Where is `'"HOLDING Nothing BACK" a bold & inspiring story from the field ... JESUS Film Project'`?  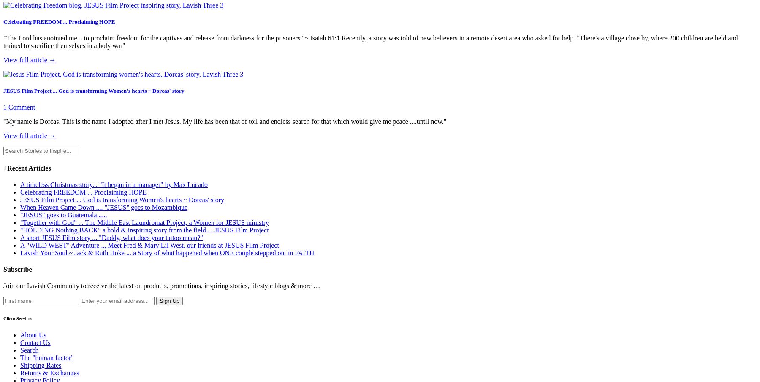
'"HOLDING Nothing BACK" a bold & inspiring story from the field ... JESUS Film Project' is located at coordinates (144, 230).